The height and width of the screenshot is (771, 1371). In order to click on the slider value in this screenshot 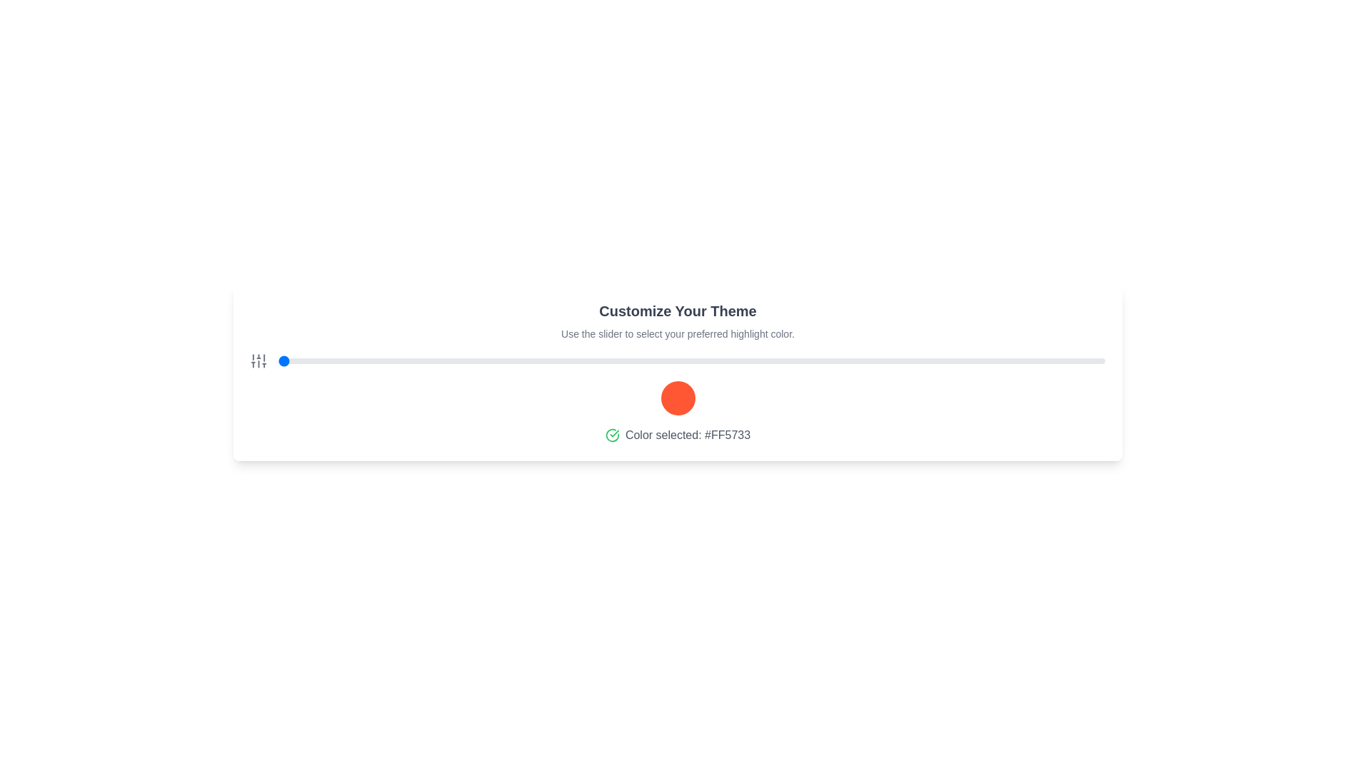, I will do `click(654, 360)`.